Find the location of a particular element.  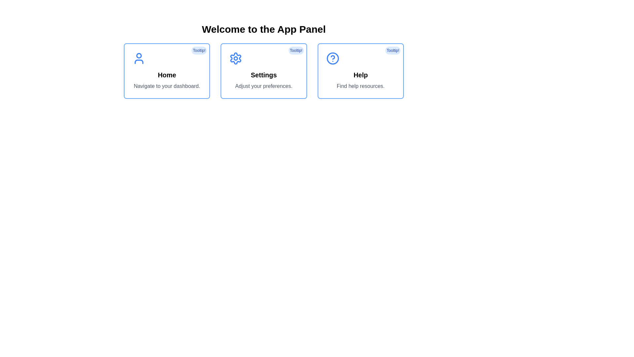

the settings card located in the middle column of the three-column grid below the 'Welcome to the App Panel' heading is located at coordinates (263, 71).